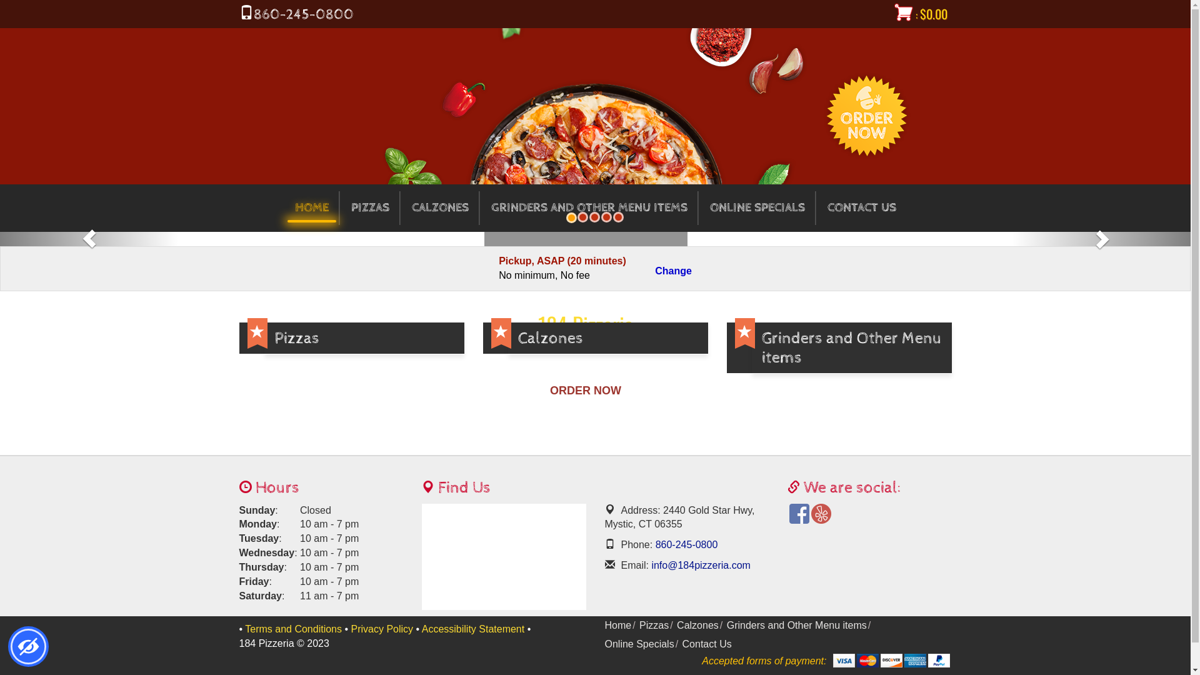  I want to click on 'Facebook', so click(798, 513).